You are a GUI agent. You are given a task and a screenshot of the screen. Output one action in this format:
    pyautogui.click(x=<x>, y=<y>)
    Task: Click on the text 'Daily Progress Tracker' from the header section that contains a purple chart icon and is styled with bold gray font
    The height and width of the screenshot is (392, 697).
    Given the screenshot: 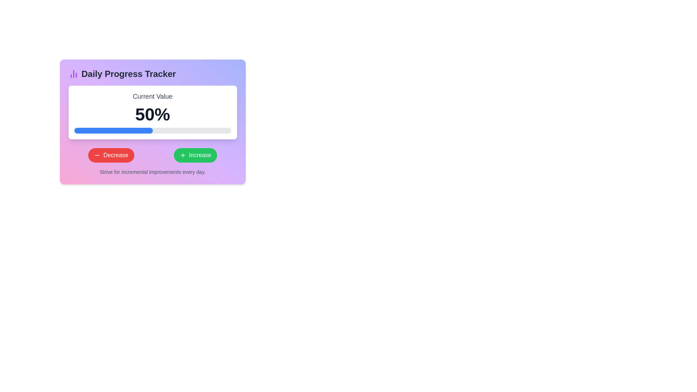 What is the action you would take?
    pyautogui.click(x=152, y=74)
    